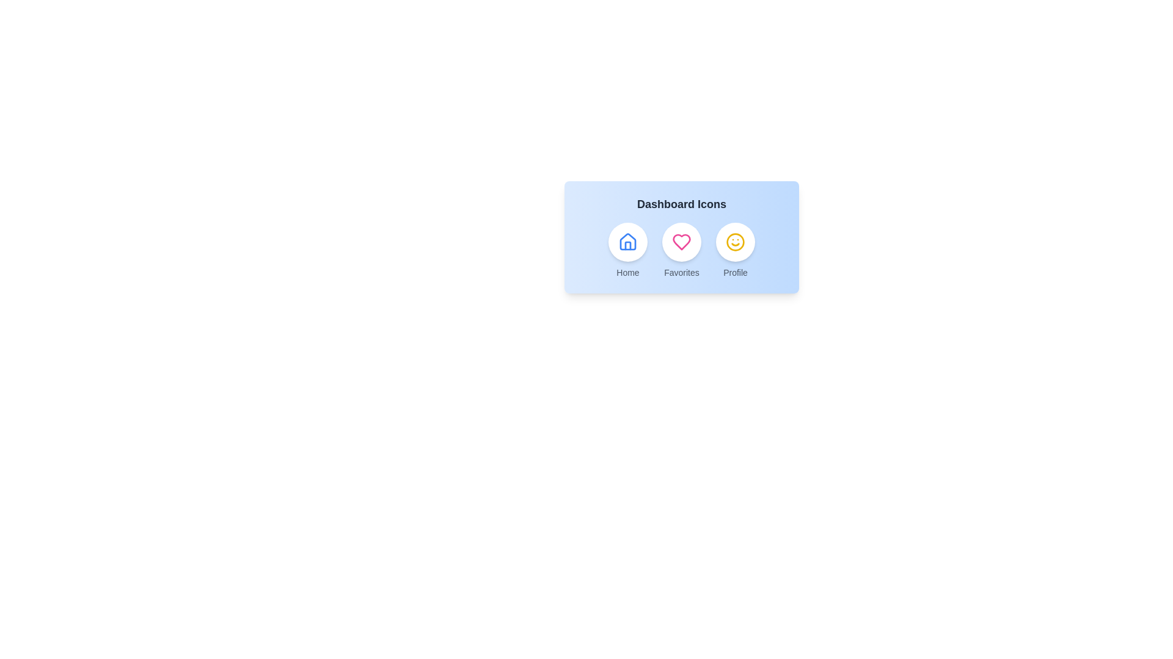 This screenshot has width=1173, height=659. I want to click on the outermost circle of the smiley icon representing the Profile section in the UI, so click(735, 242).